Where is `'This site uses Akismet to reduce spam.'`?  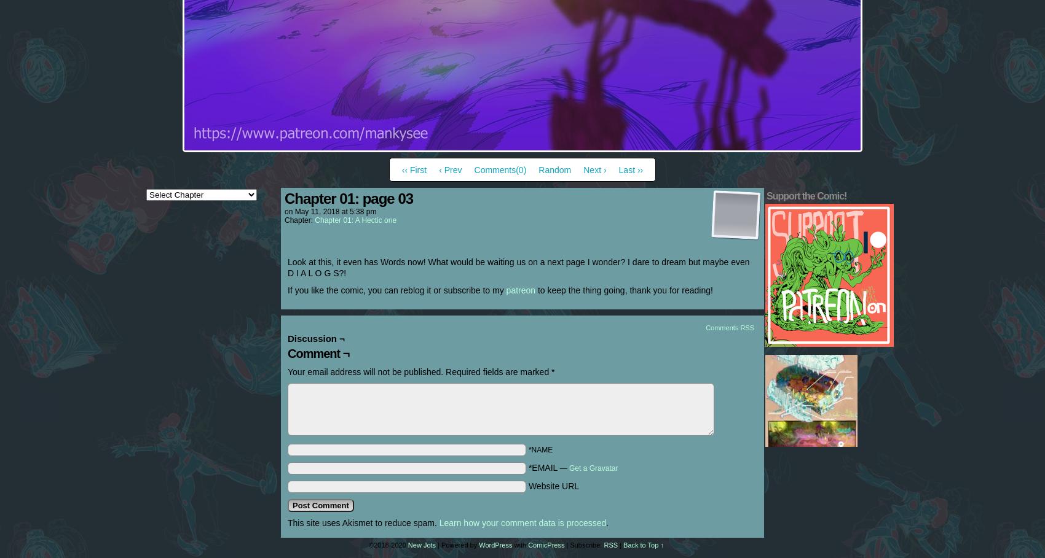
'This site uses Akismet to reduce spam.' is located at coordinates (362, 522).